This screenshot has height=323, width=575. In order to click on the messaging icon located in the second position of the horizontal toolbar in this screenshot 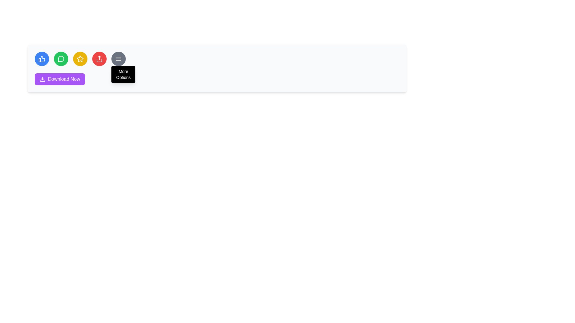, I will do `click(61, 59)`.